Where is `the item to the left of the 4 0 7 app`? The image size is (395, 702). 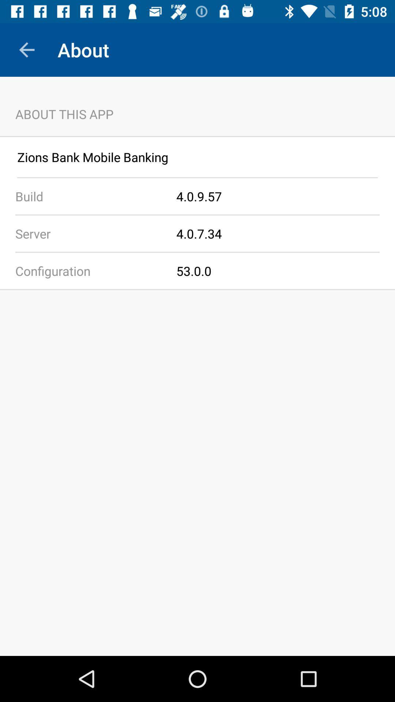
the item to the left of the 4 0 7 app is located at coordinates (88, 233).